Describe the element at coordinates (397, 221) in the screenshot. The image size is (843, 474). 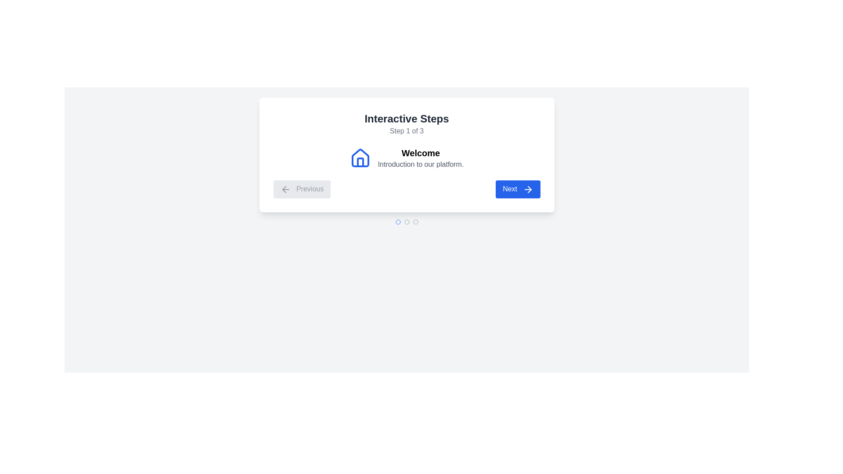
I see `the first circular progress indicator dot with a blue border located below the 'Interactive Steps' section` at that location.